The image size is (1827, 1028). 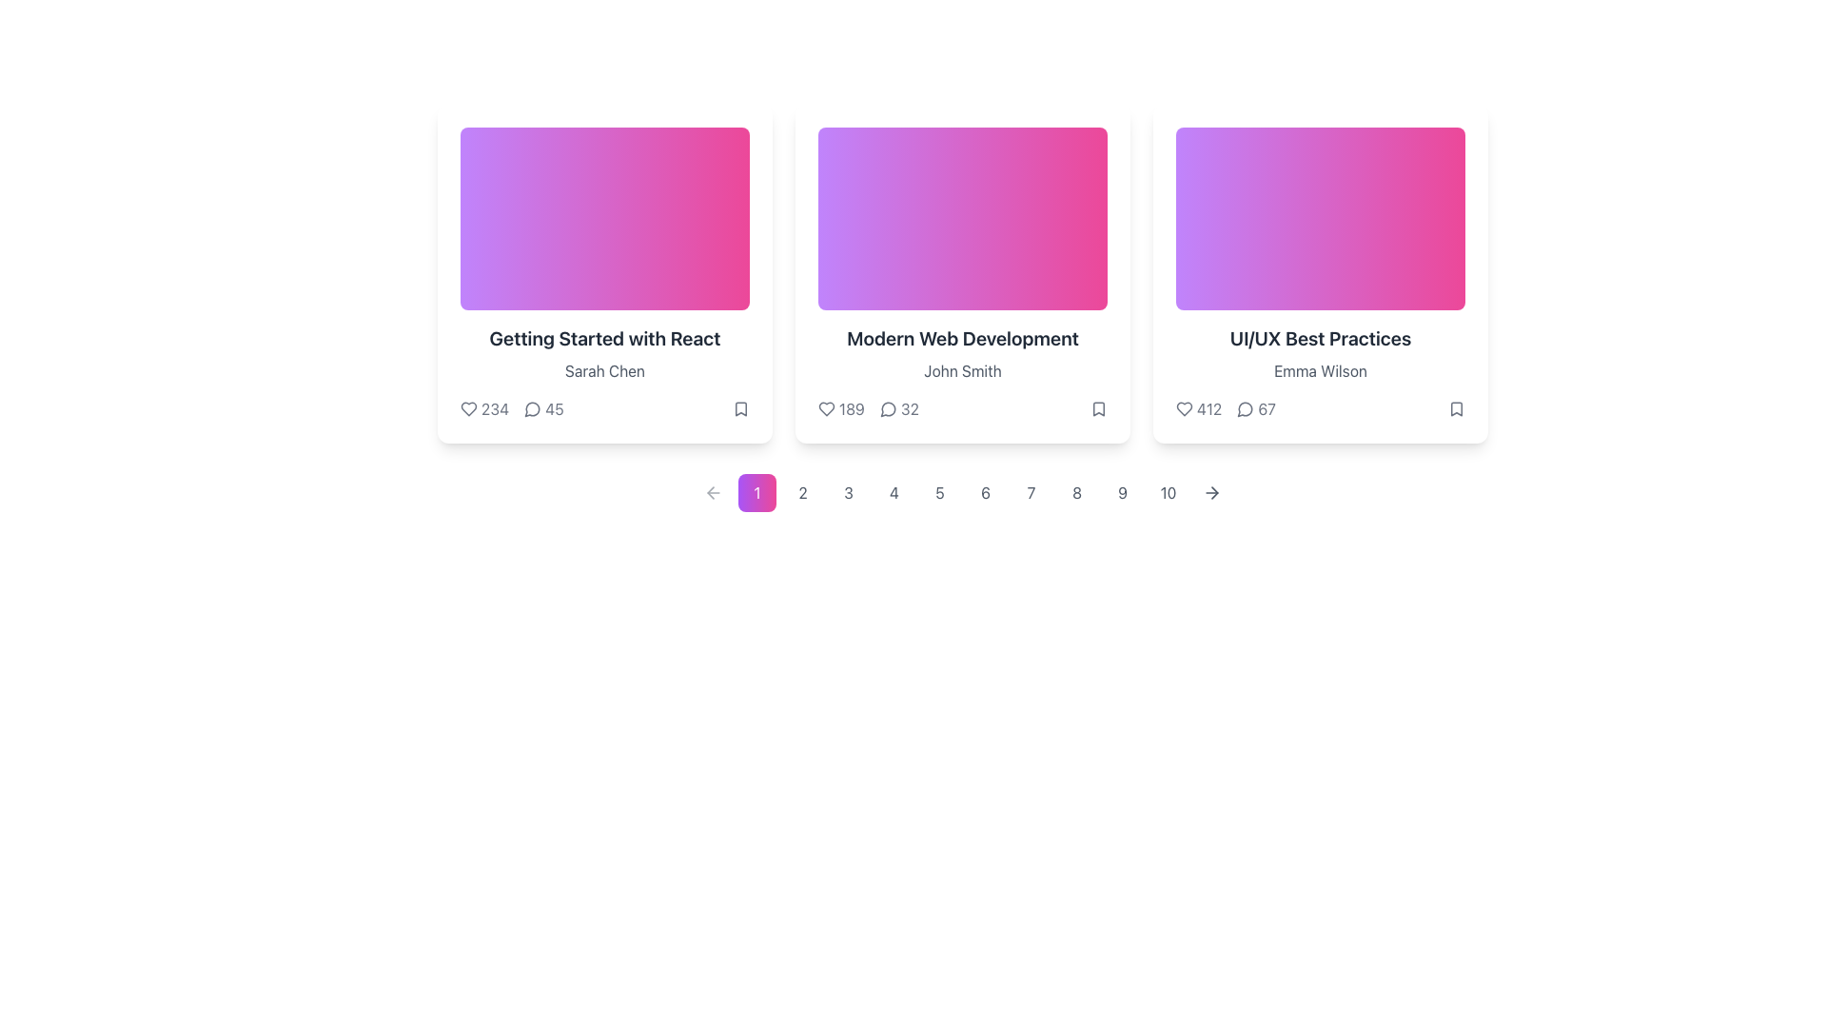 What do you see at coordinates (1226, 407) in the screenshot?
I see `the heart icon and speech bubble icon in the third card's counter component` at bounding box center [1226, 407].